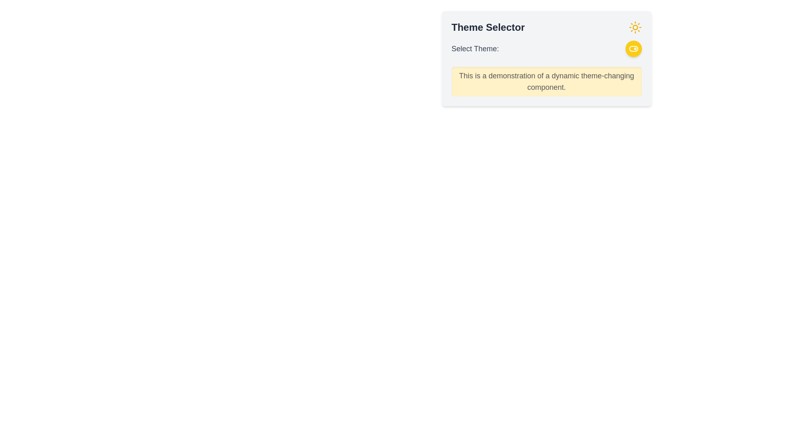 The image size is (787, 443). Describe the element at coordinates (546, 82) in the screenshot. I see `the Text display element that showcases the functionality of the dynamic theme-changing component, located in the 'Theme Selector' section with a light yellow background` at that location.